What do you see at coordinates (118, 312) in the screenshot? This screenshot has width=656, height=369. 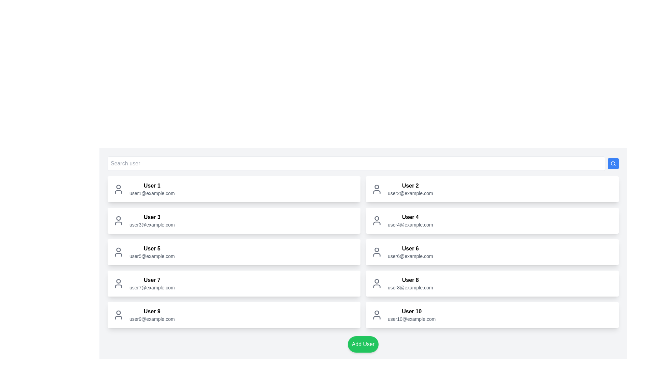 I see `the circular area at the top of the user icon representing the user's head in the user card labeled 'User 9'` at bounding box center [118, 312].